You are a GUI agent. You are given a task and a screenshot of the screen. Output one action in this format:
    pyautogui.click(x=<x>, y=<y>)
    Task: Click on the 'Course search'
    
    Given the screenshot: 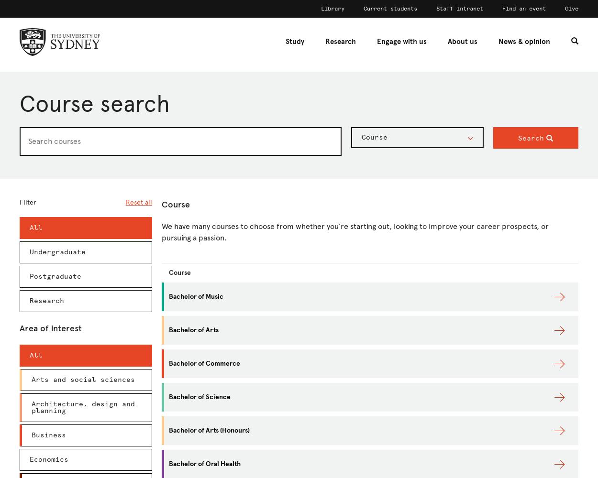 What is the action you would take?
    pyautogui.click(x=20, y=103)
    